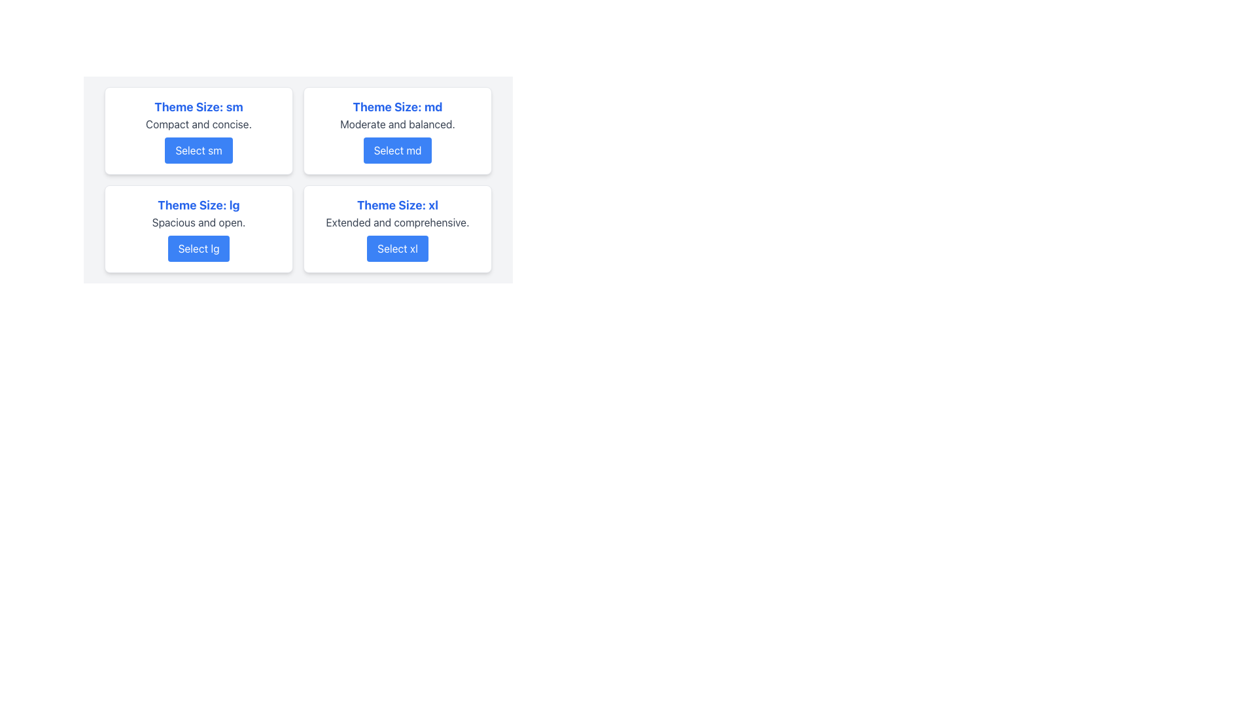 The image size is (1256, 707). I want to click on the Text Label displaying 'Moderate and balanced.' which is located in the center of the second card in the first row, beneath the header 'Theme Size: md', so click(397, 124).